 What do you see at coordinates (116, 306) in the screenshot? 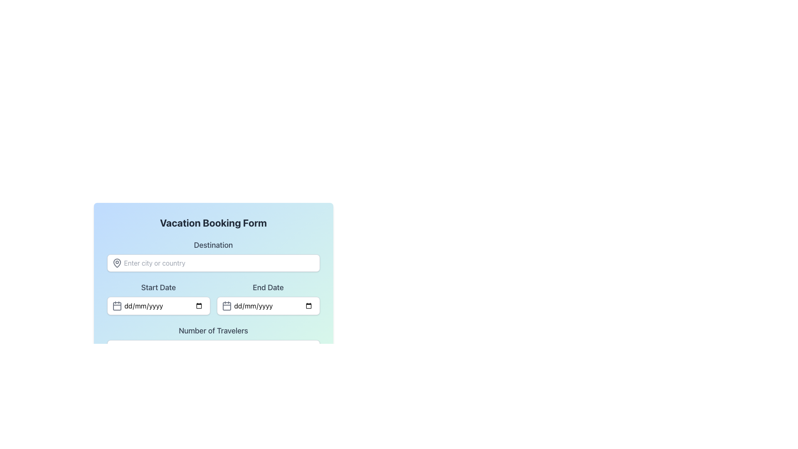
I see `the rectangular calendar-like SVG shape element located to the left of the 'Start Date' input field in the Vacation Booking Form` at bounding box center [116, 306].